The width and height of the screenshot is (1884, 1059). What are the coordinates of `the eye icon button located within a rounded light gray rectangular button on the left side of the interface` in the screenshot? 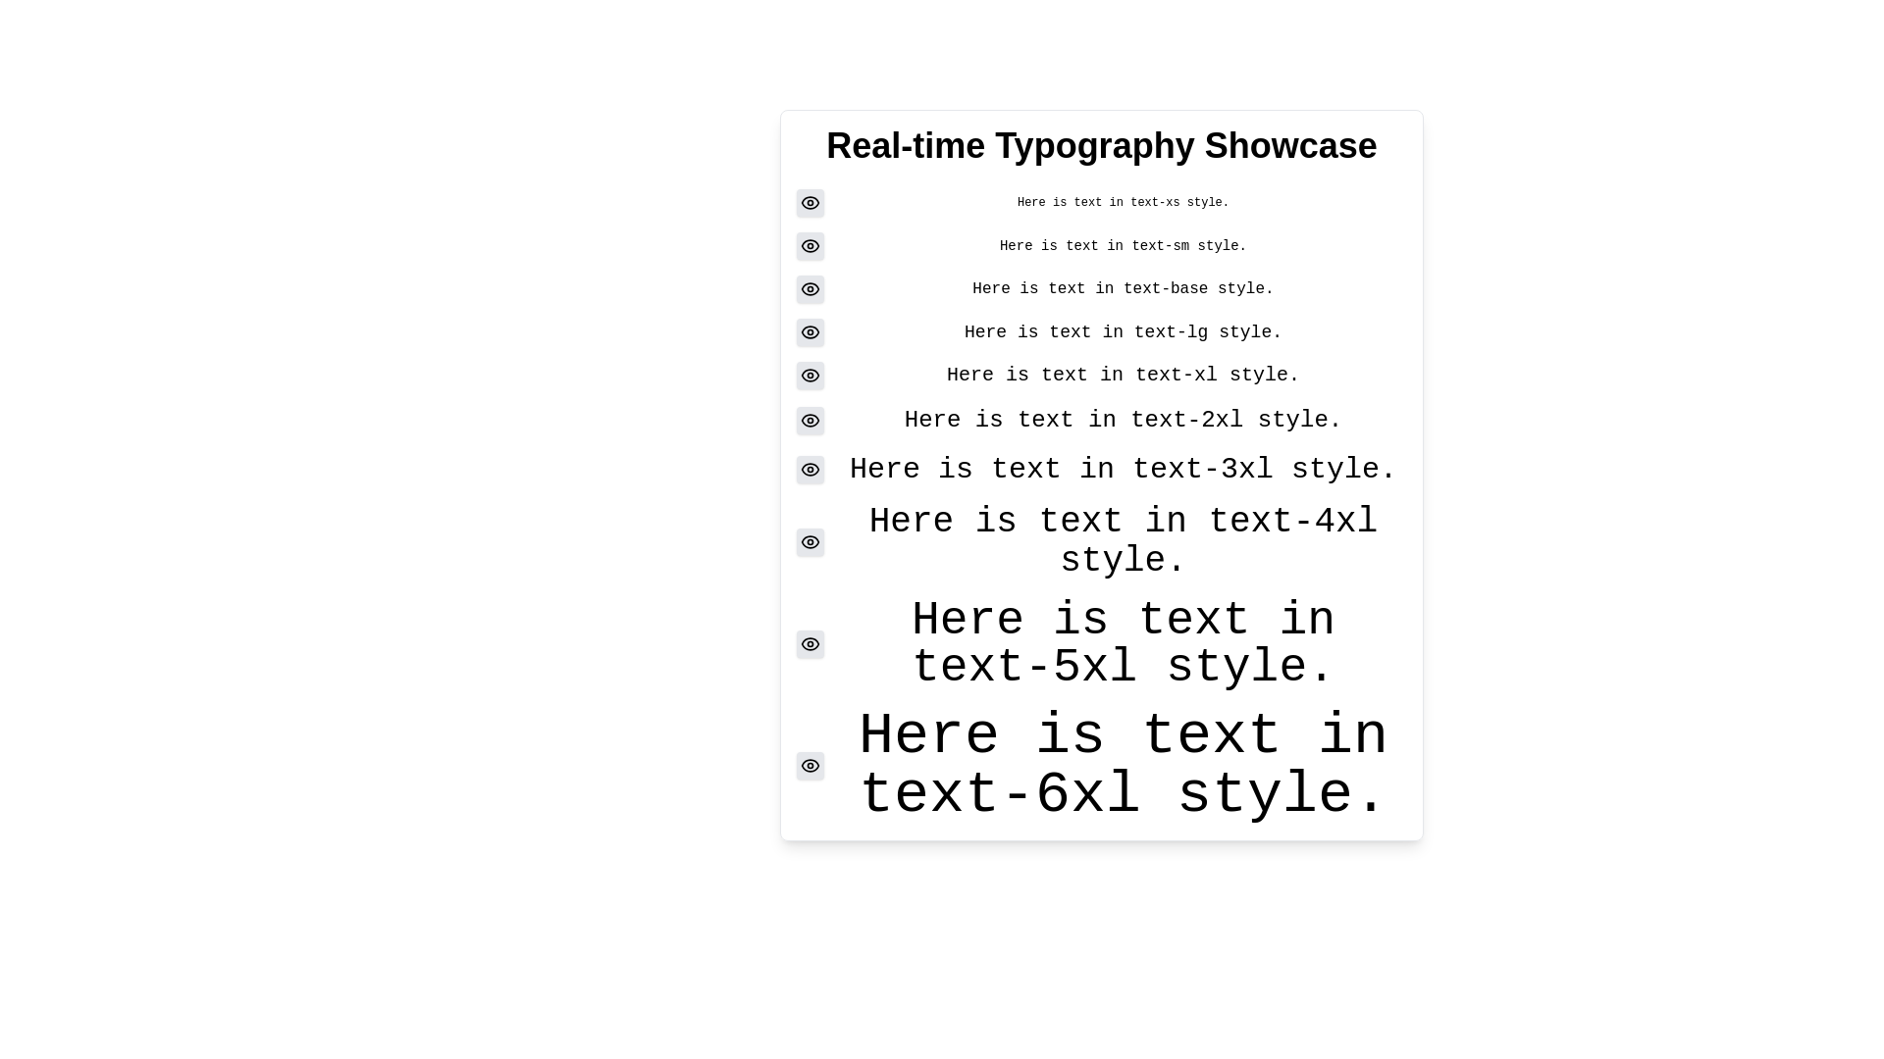 It's located at (810, 331).